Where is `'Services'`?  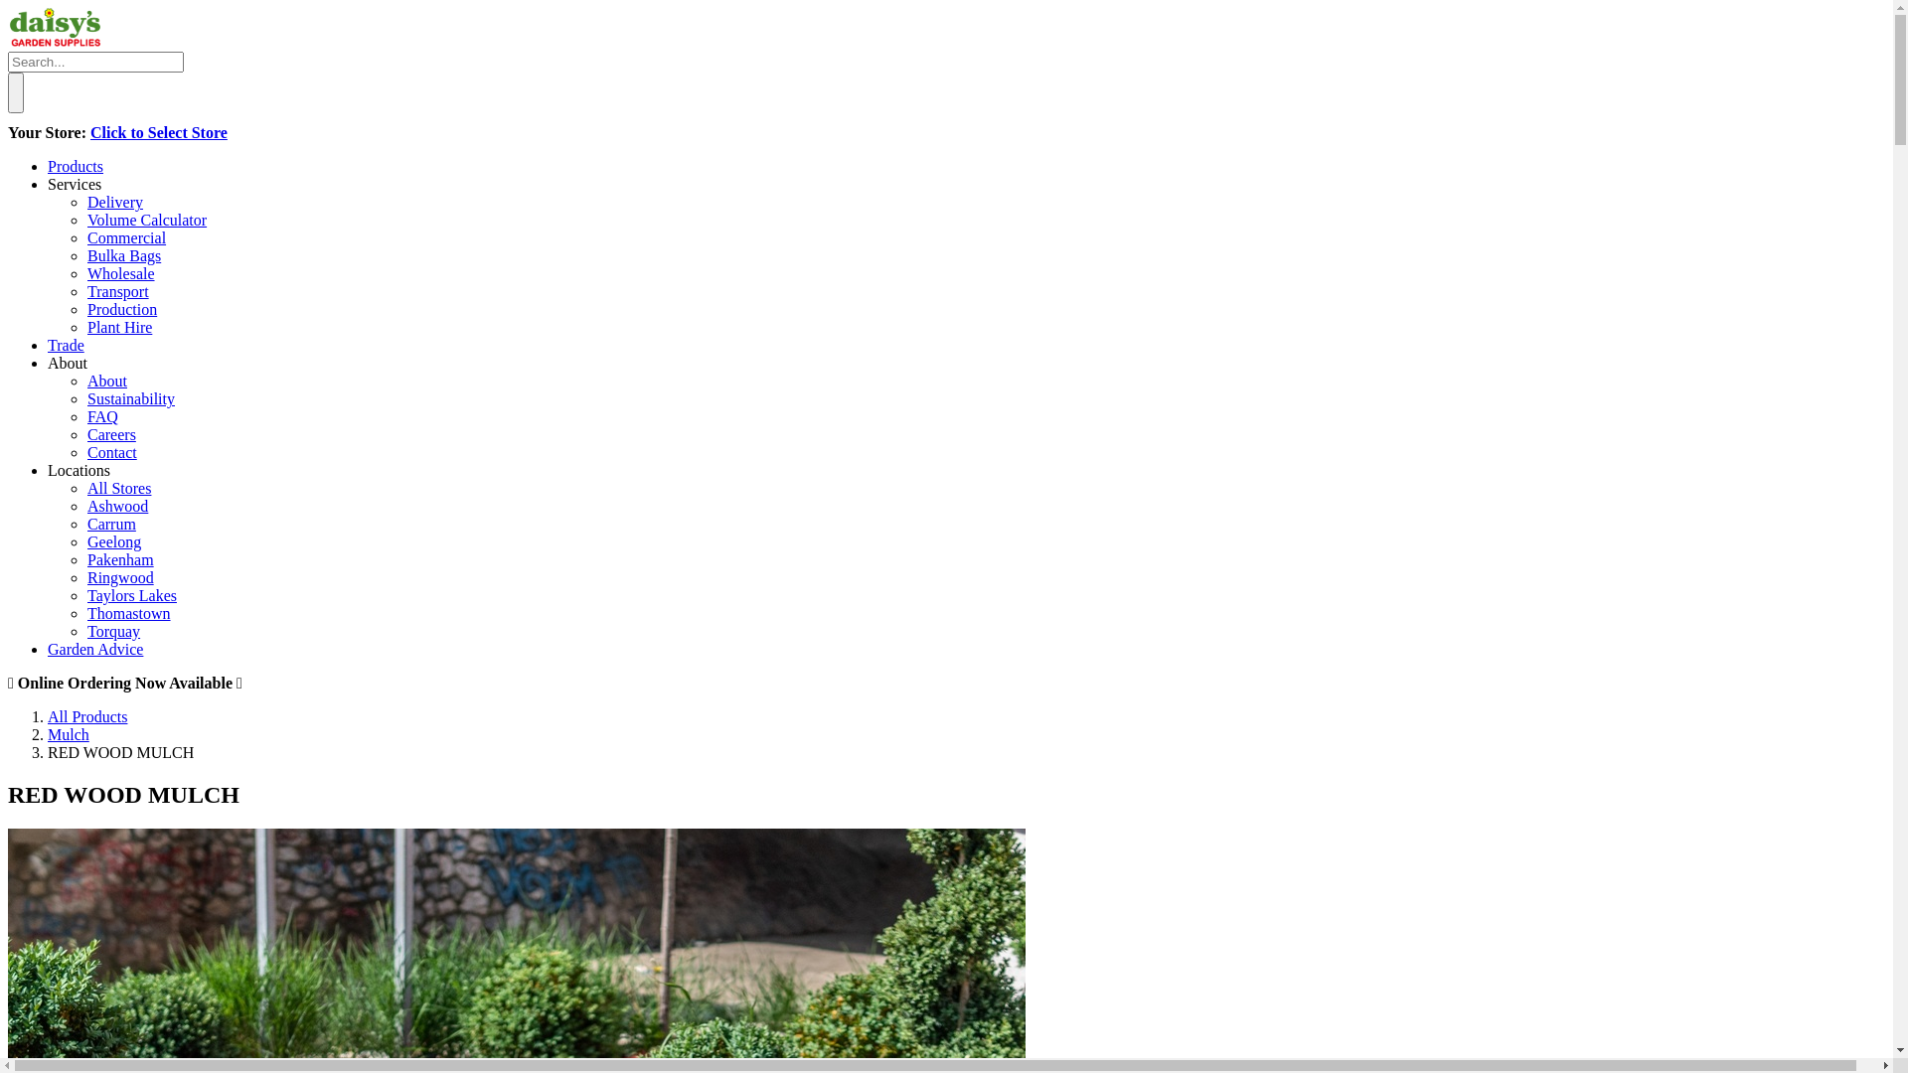 'Services' is located at coordinates (75, 184).